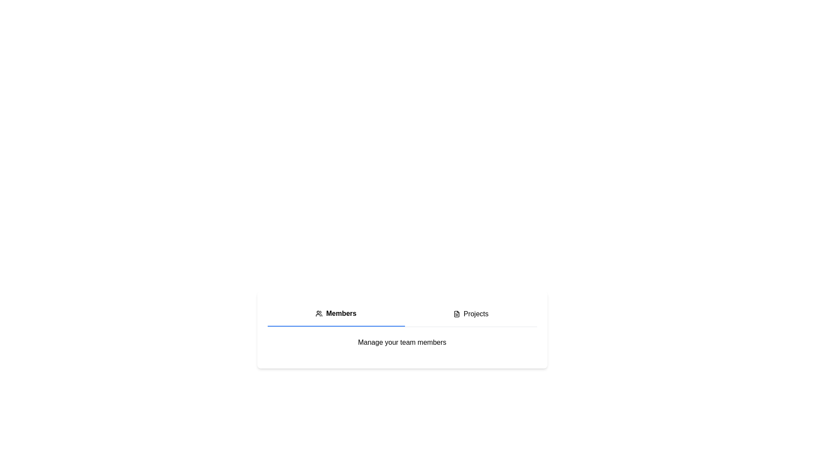 The image size is (829, 466). What do you see at coordinates (475, 314) in the screenshot?
I see `the 'Projects' text label located towards the bottom-center of the interface, to the right of a document icon` at bounding box center [475, 314].